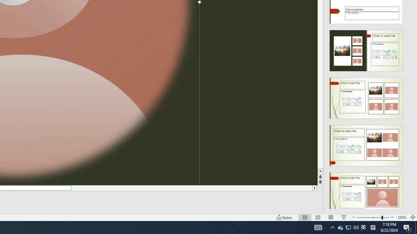  Describe the element at coordinates (412, 217) in the screenshot. I see `'Zoom to Fit '` at that location.